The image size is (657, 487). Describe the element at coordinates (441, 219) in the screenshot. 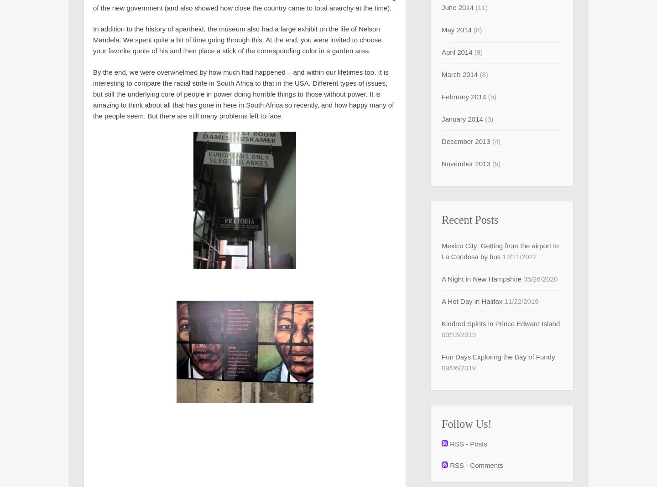

I see `'Recent Posts'` at that location.